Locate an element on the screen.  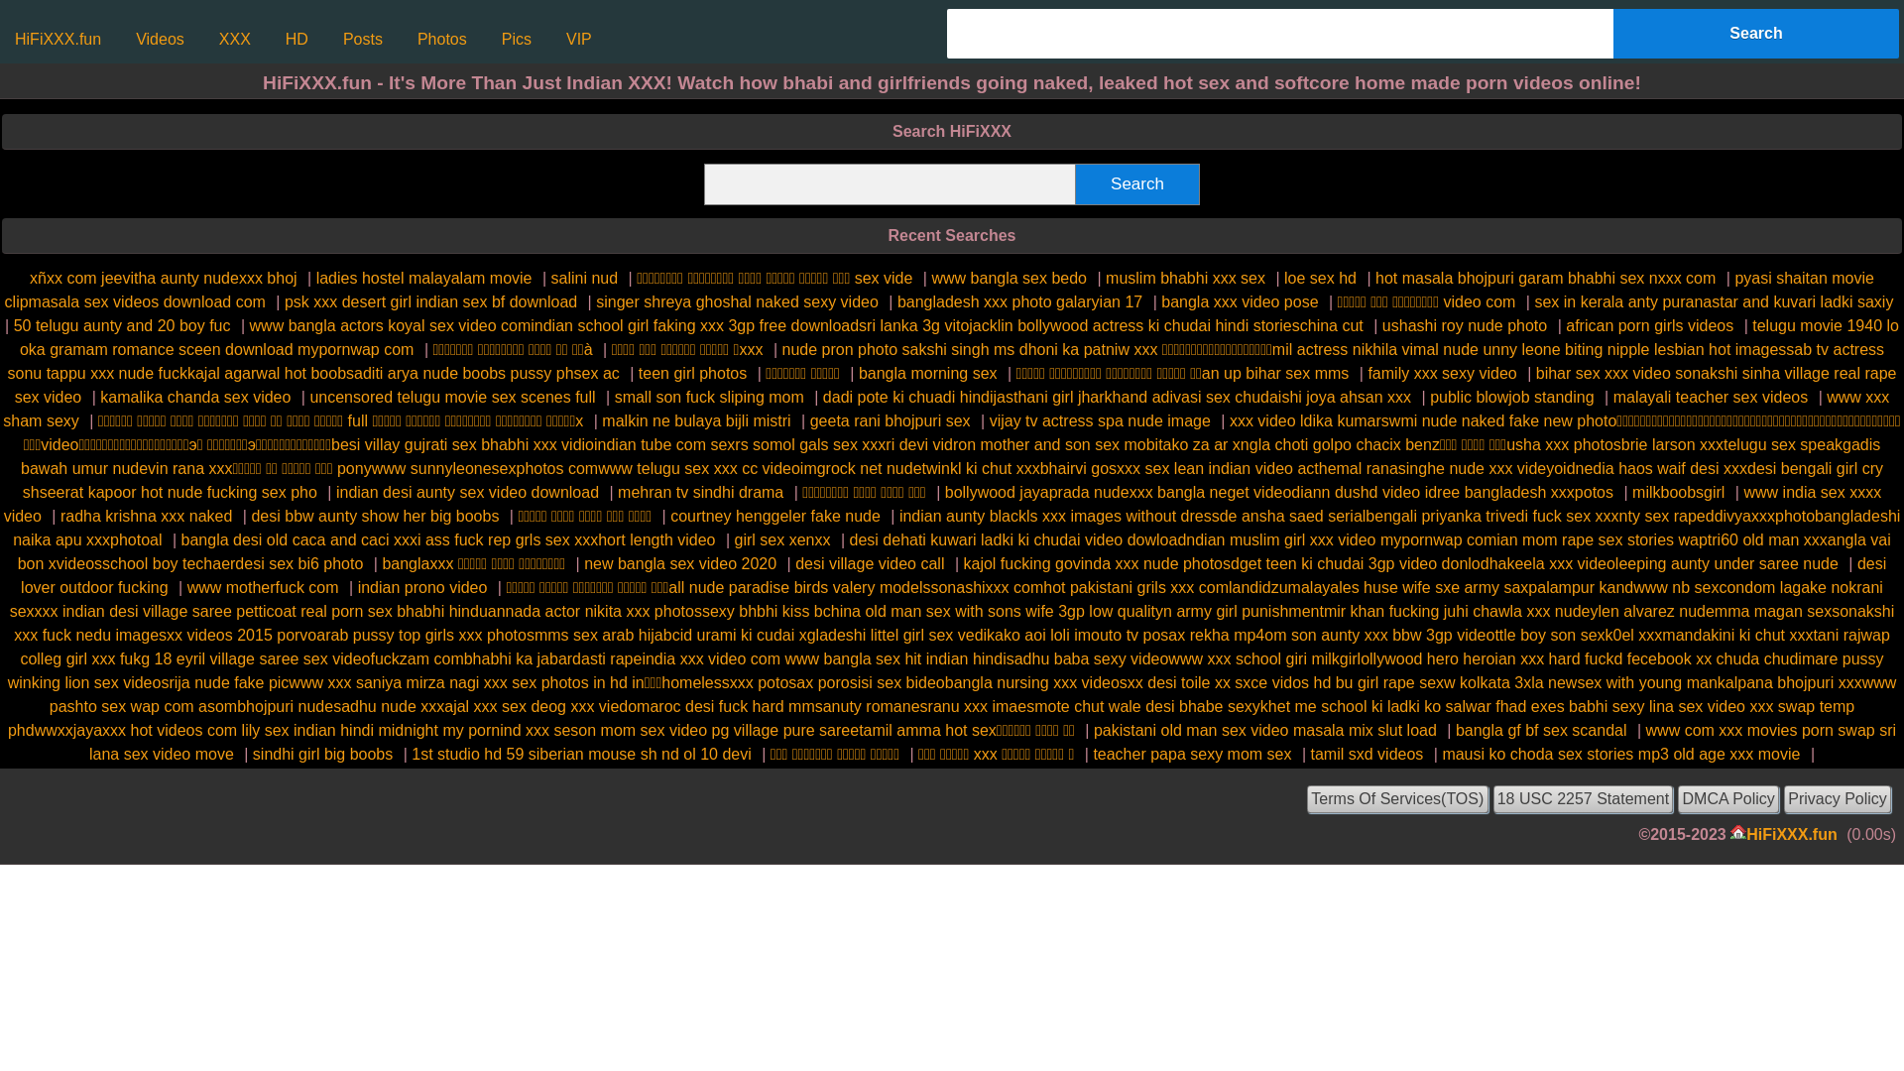
'girl sex xenxx' is located at coordinates (733, 539).